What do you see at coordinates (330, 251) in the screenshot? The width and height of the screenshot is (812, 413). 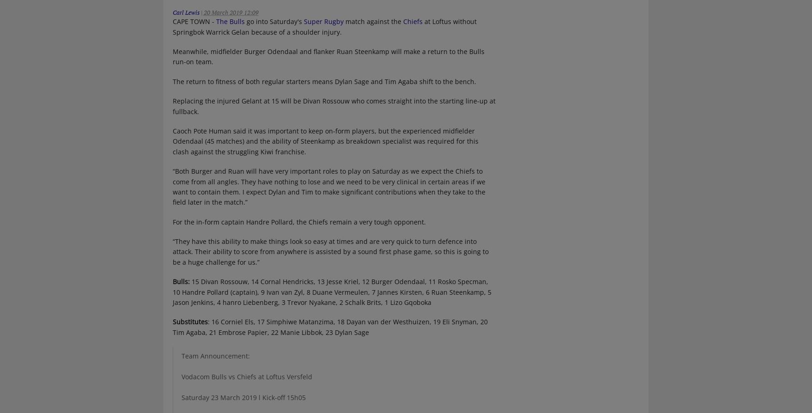 I see `'“They have this ability to make things look so easy at times and are very quick to turn defence into attack. Their ability to score from anywhere is assisted by a sound first phase game, so this is going to be a huge challenge for us.”'` at bounding box center [330, 251].